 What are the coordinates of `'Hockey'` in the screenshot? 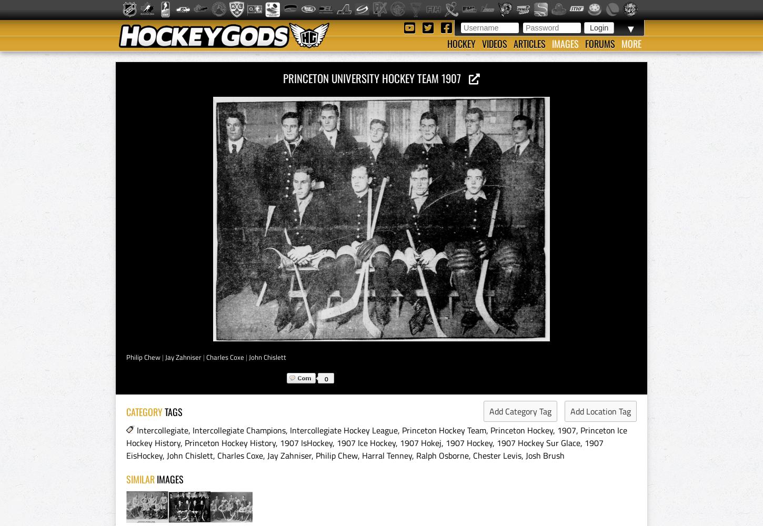 It's located at (460, 43).